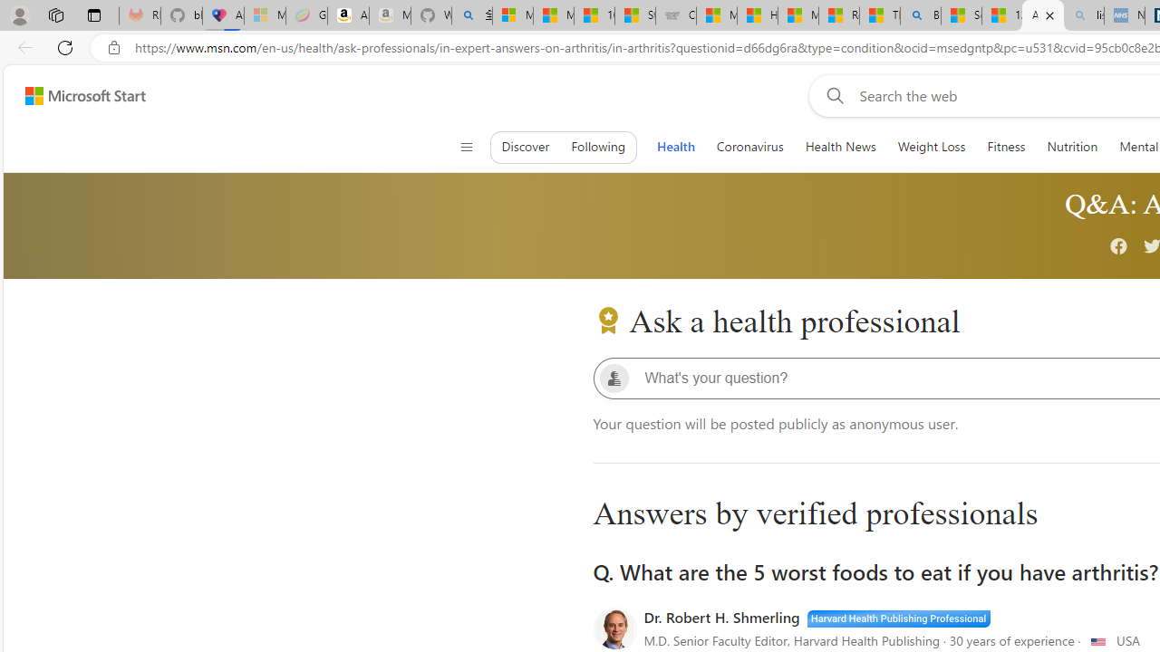 The width and height of the screenshot is (1160, 652). What do you see at coordinates (614, 628) in the screenshot?
I see `'doctorIconRound'` at bounding box center [614, 628].